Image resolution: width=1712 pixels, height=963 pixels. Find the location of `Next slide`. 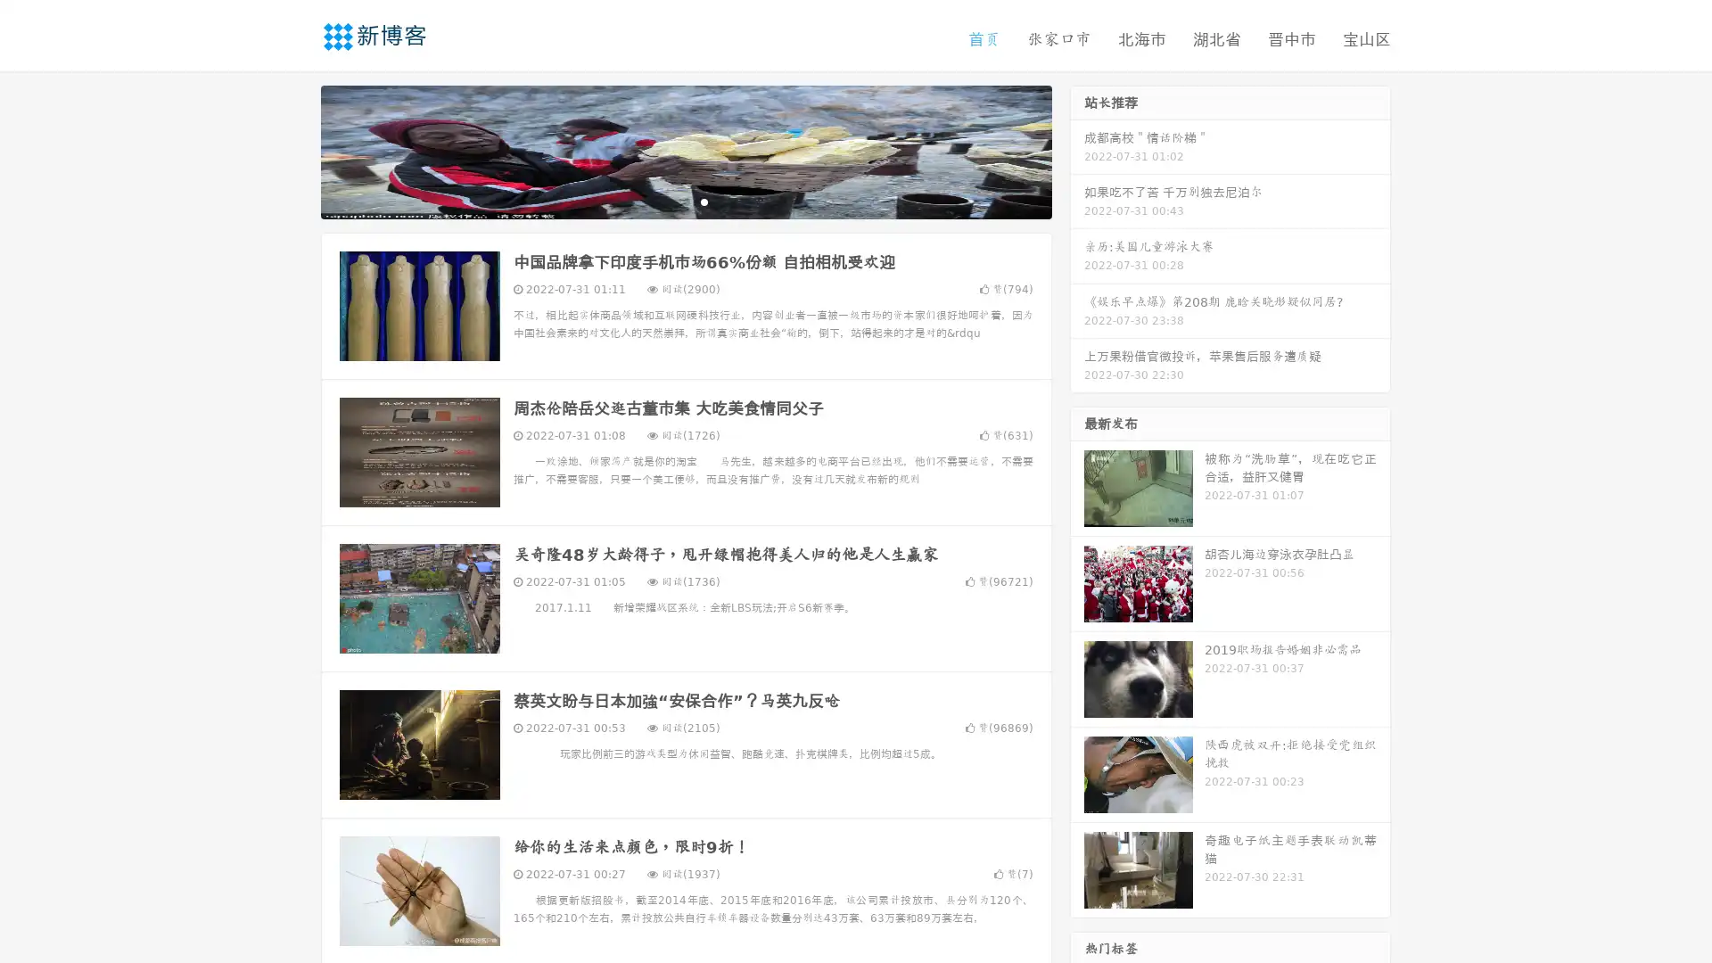

Next slide is located at coordinates (1077, 150).